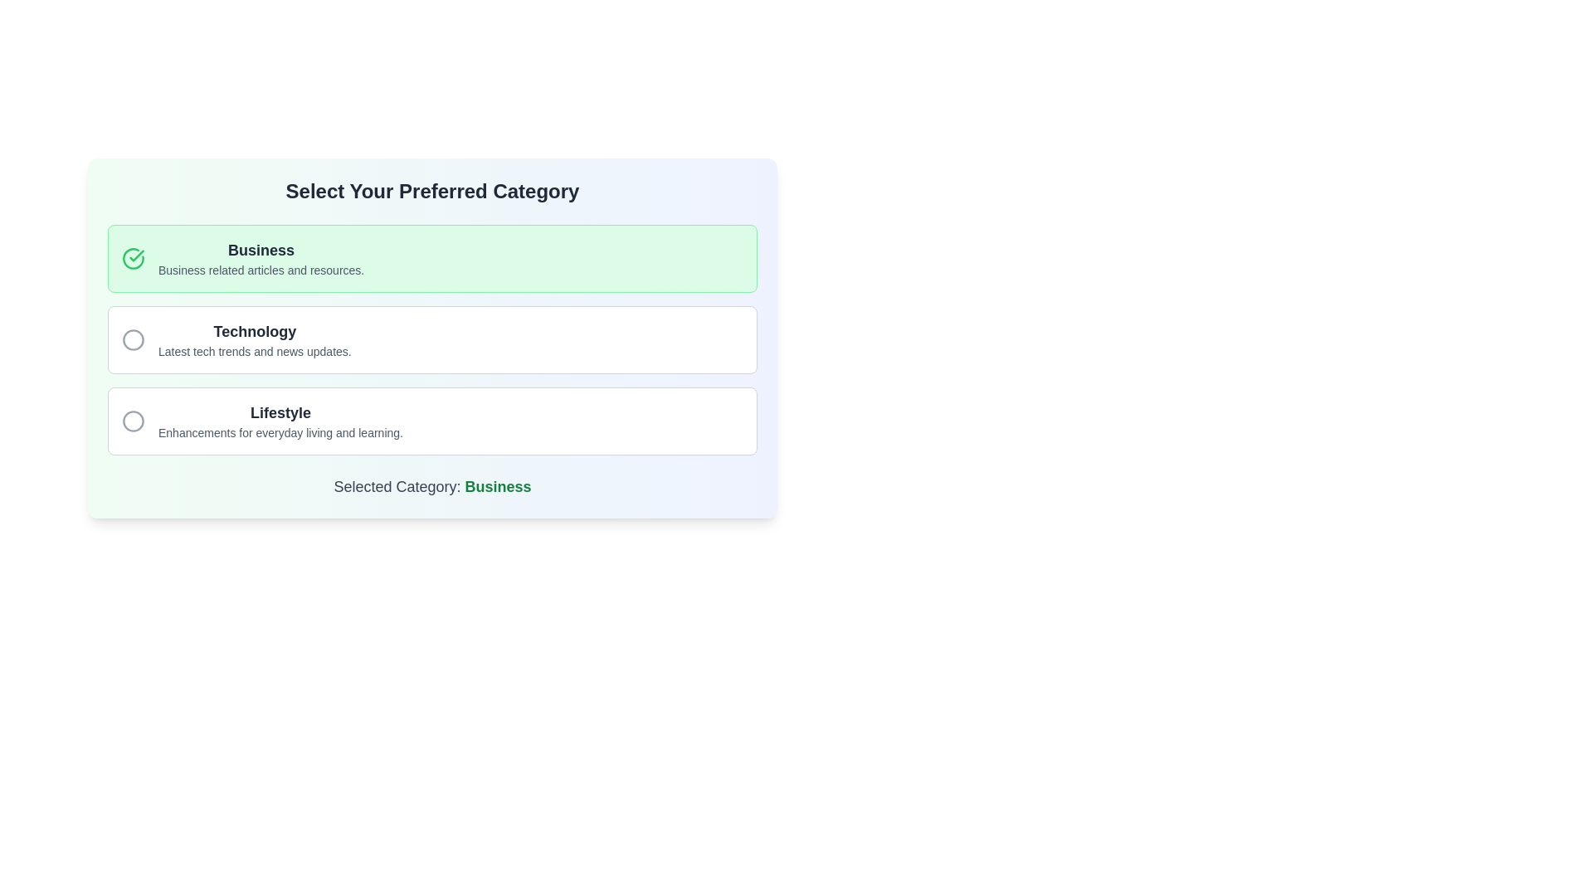 Image resolution: width=1593 pixels, height=896 pixels. Describe the element at coordinates (134, 338) in the screenshot. I see `the circular radio button indicator with a gray border, located near the 'Technology' text in the selection list` at that location.